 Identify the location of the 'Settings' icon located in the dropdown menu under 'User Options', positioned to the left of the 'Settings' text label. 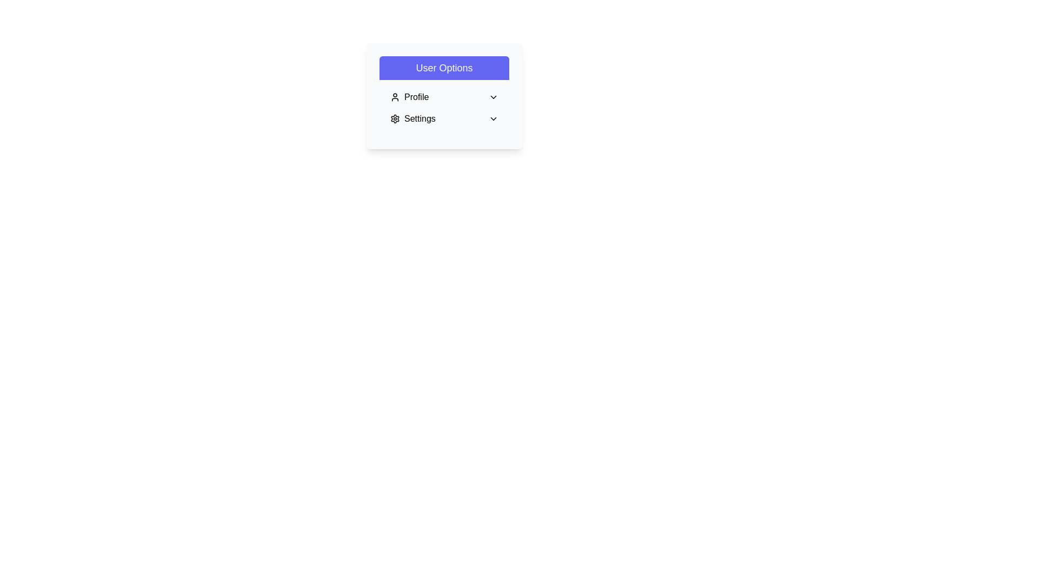
(394, 118).